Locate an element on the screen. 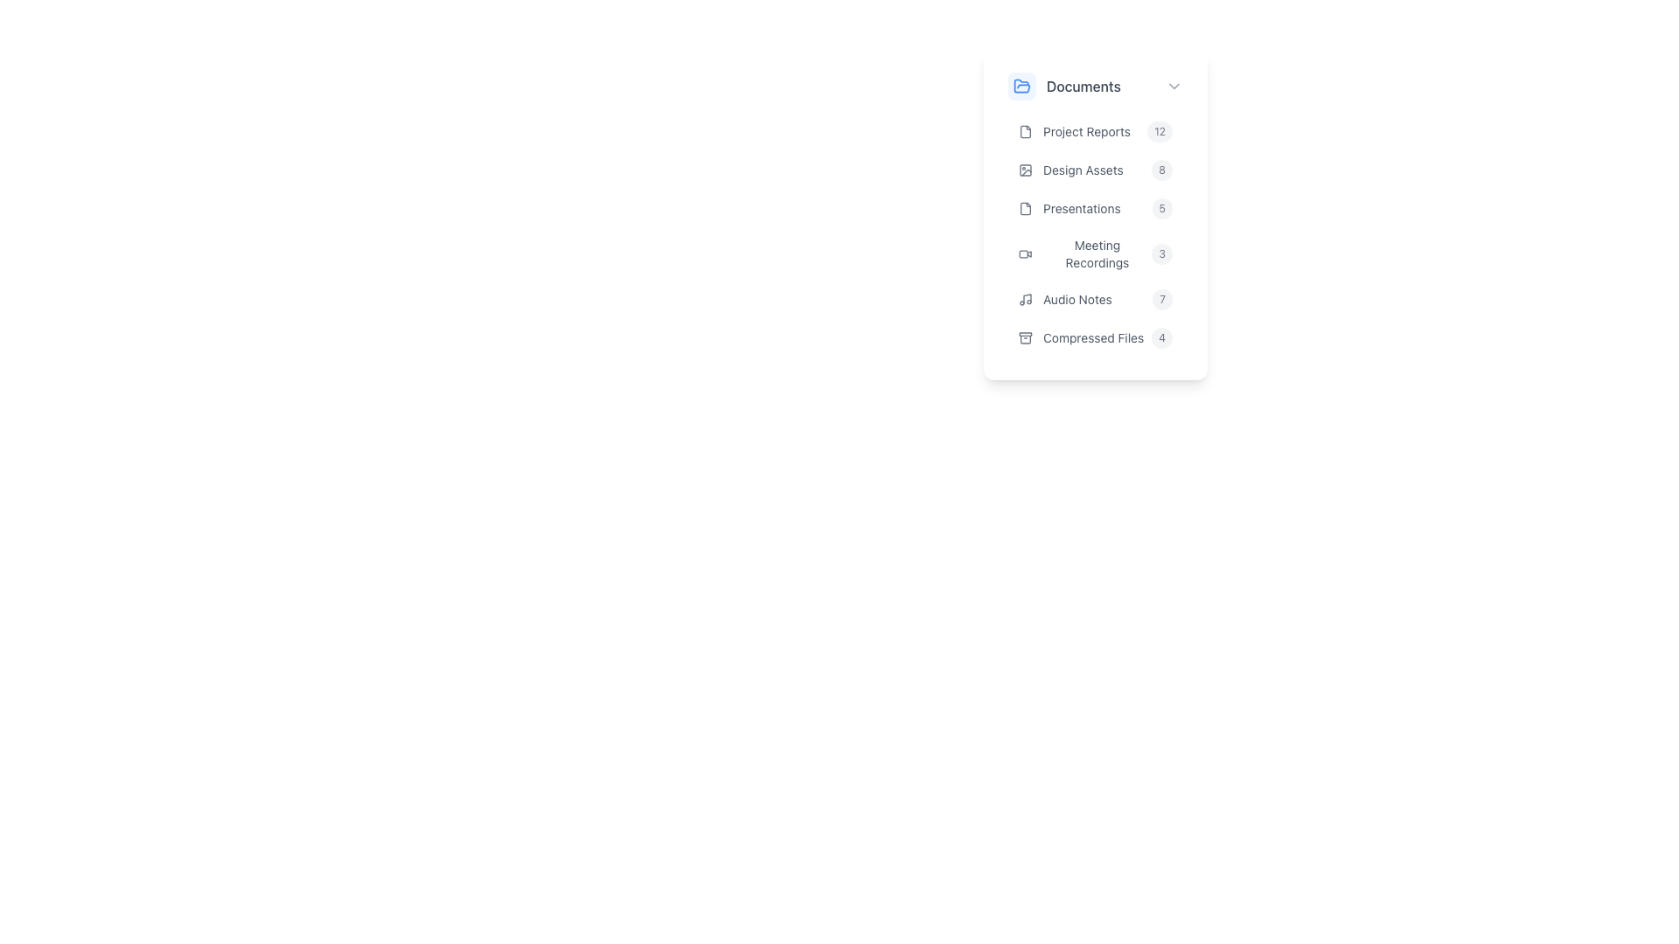  the video camera icon, which is located near the left side of the group containing 'Meeting Recordings' and the label '3'. The icon has a gray color and changes to blue on hover is located at coordinates (1025, 253).